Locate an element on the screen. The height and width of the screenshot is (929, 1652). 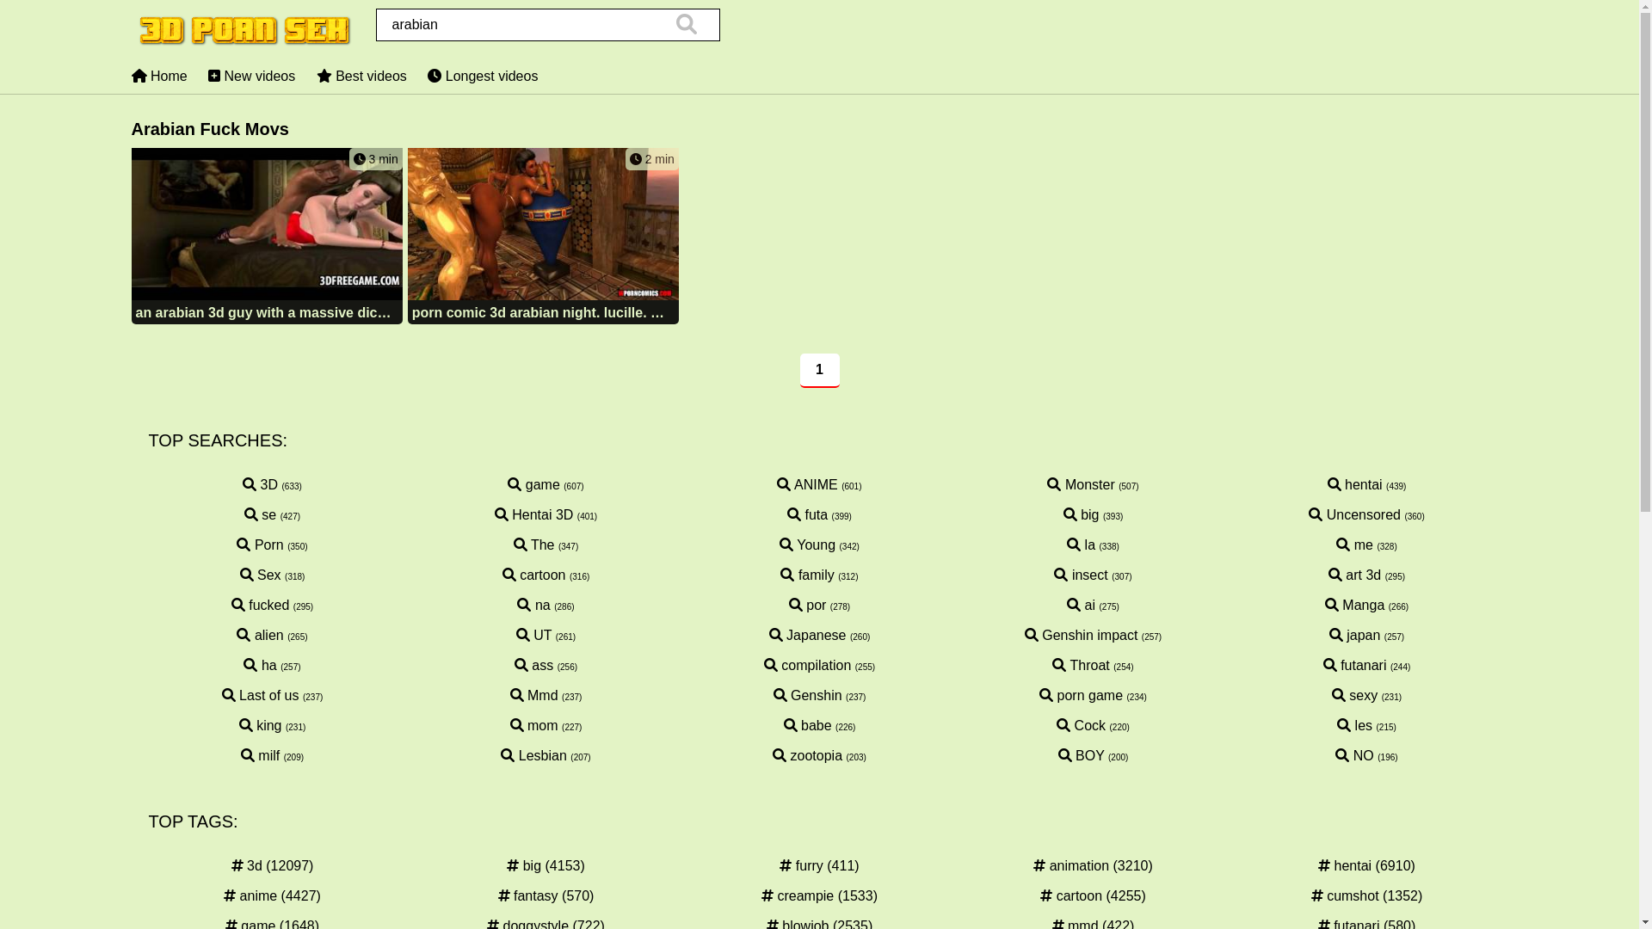
'3 min is located at coordinates (265, 237).